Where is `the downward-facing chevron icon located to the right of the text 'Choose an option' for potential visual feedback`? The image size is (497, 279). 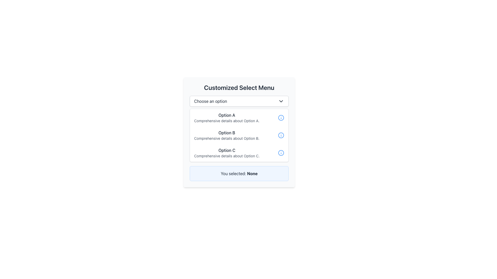
the downward-facing chevron icon located to the right of the text 'Choose an option' for potential visual feedback is located at coordinates (281, 101).